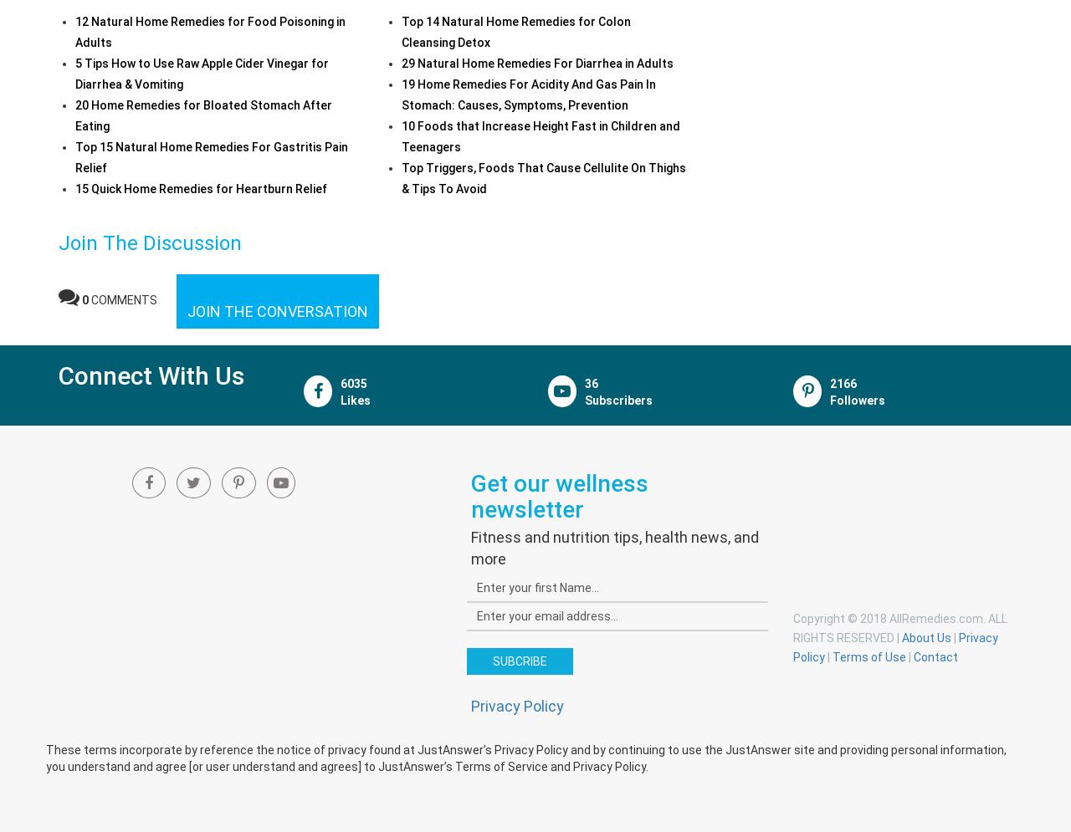 This screenshot has height=832, width=1071. Describe the element at coordinates (585, 381) in the screenshot. I see `'36'` at that location.